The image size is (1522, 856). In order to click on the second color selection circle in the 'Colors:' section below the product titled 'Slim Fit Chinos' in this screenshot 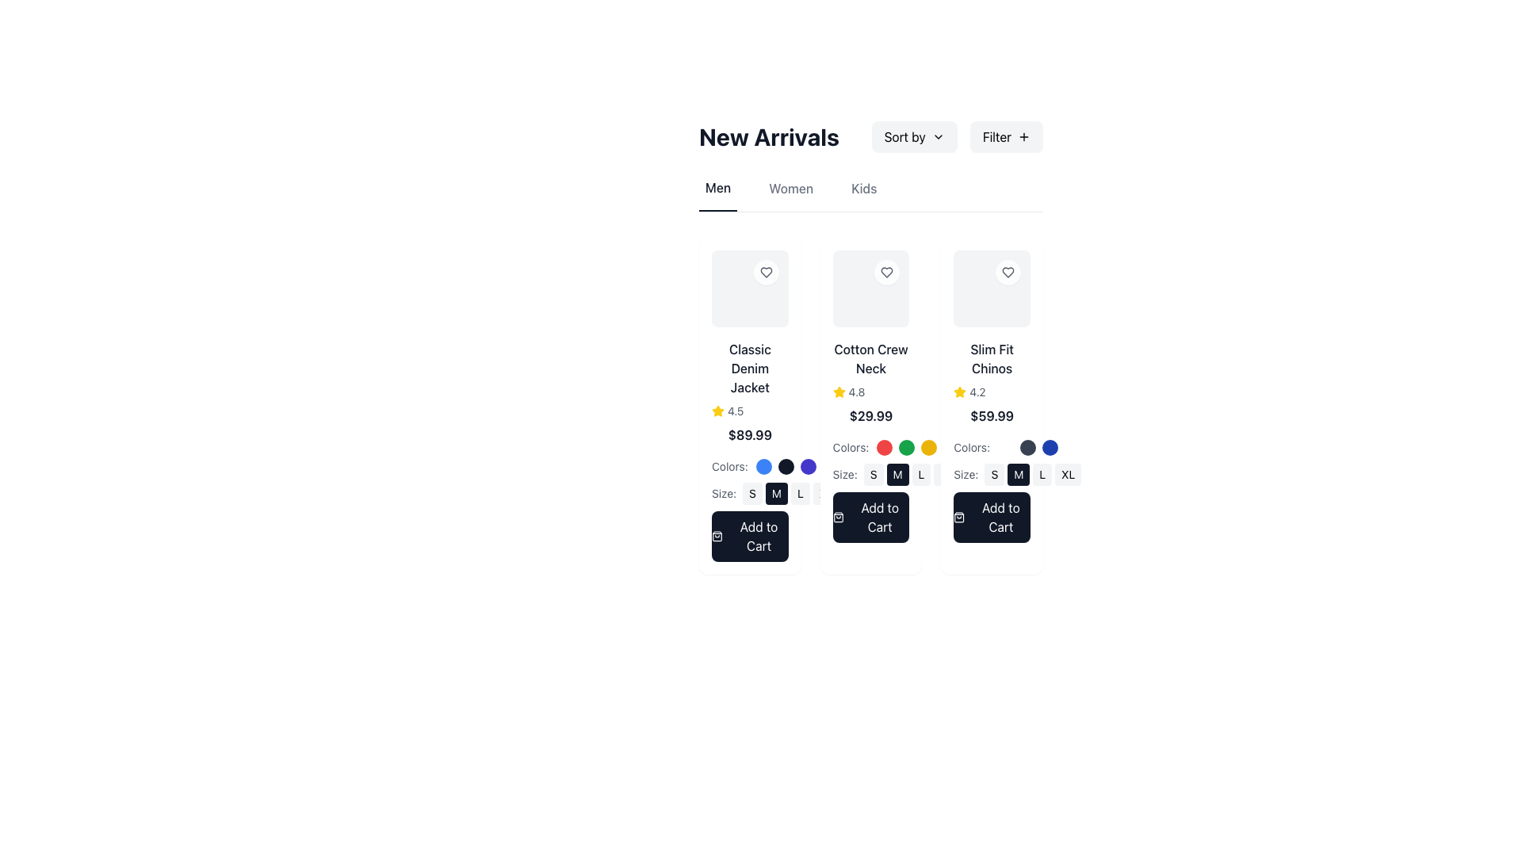, I will do `click(1028, 447)`.